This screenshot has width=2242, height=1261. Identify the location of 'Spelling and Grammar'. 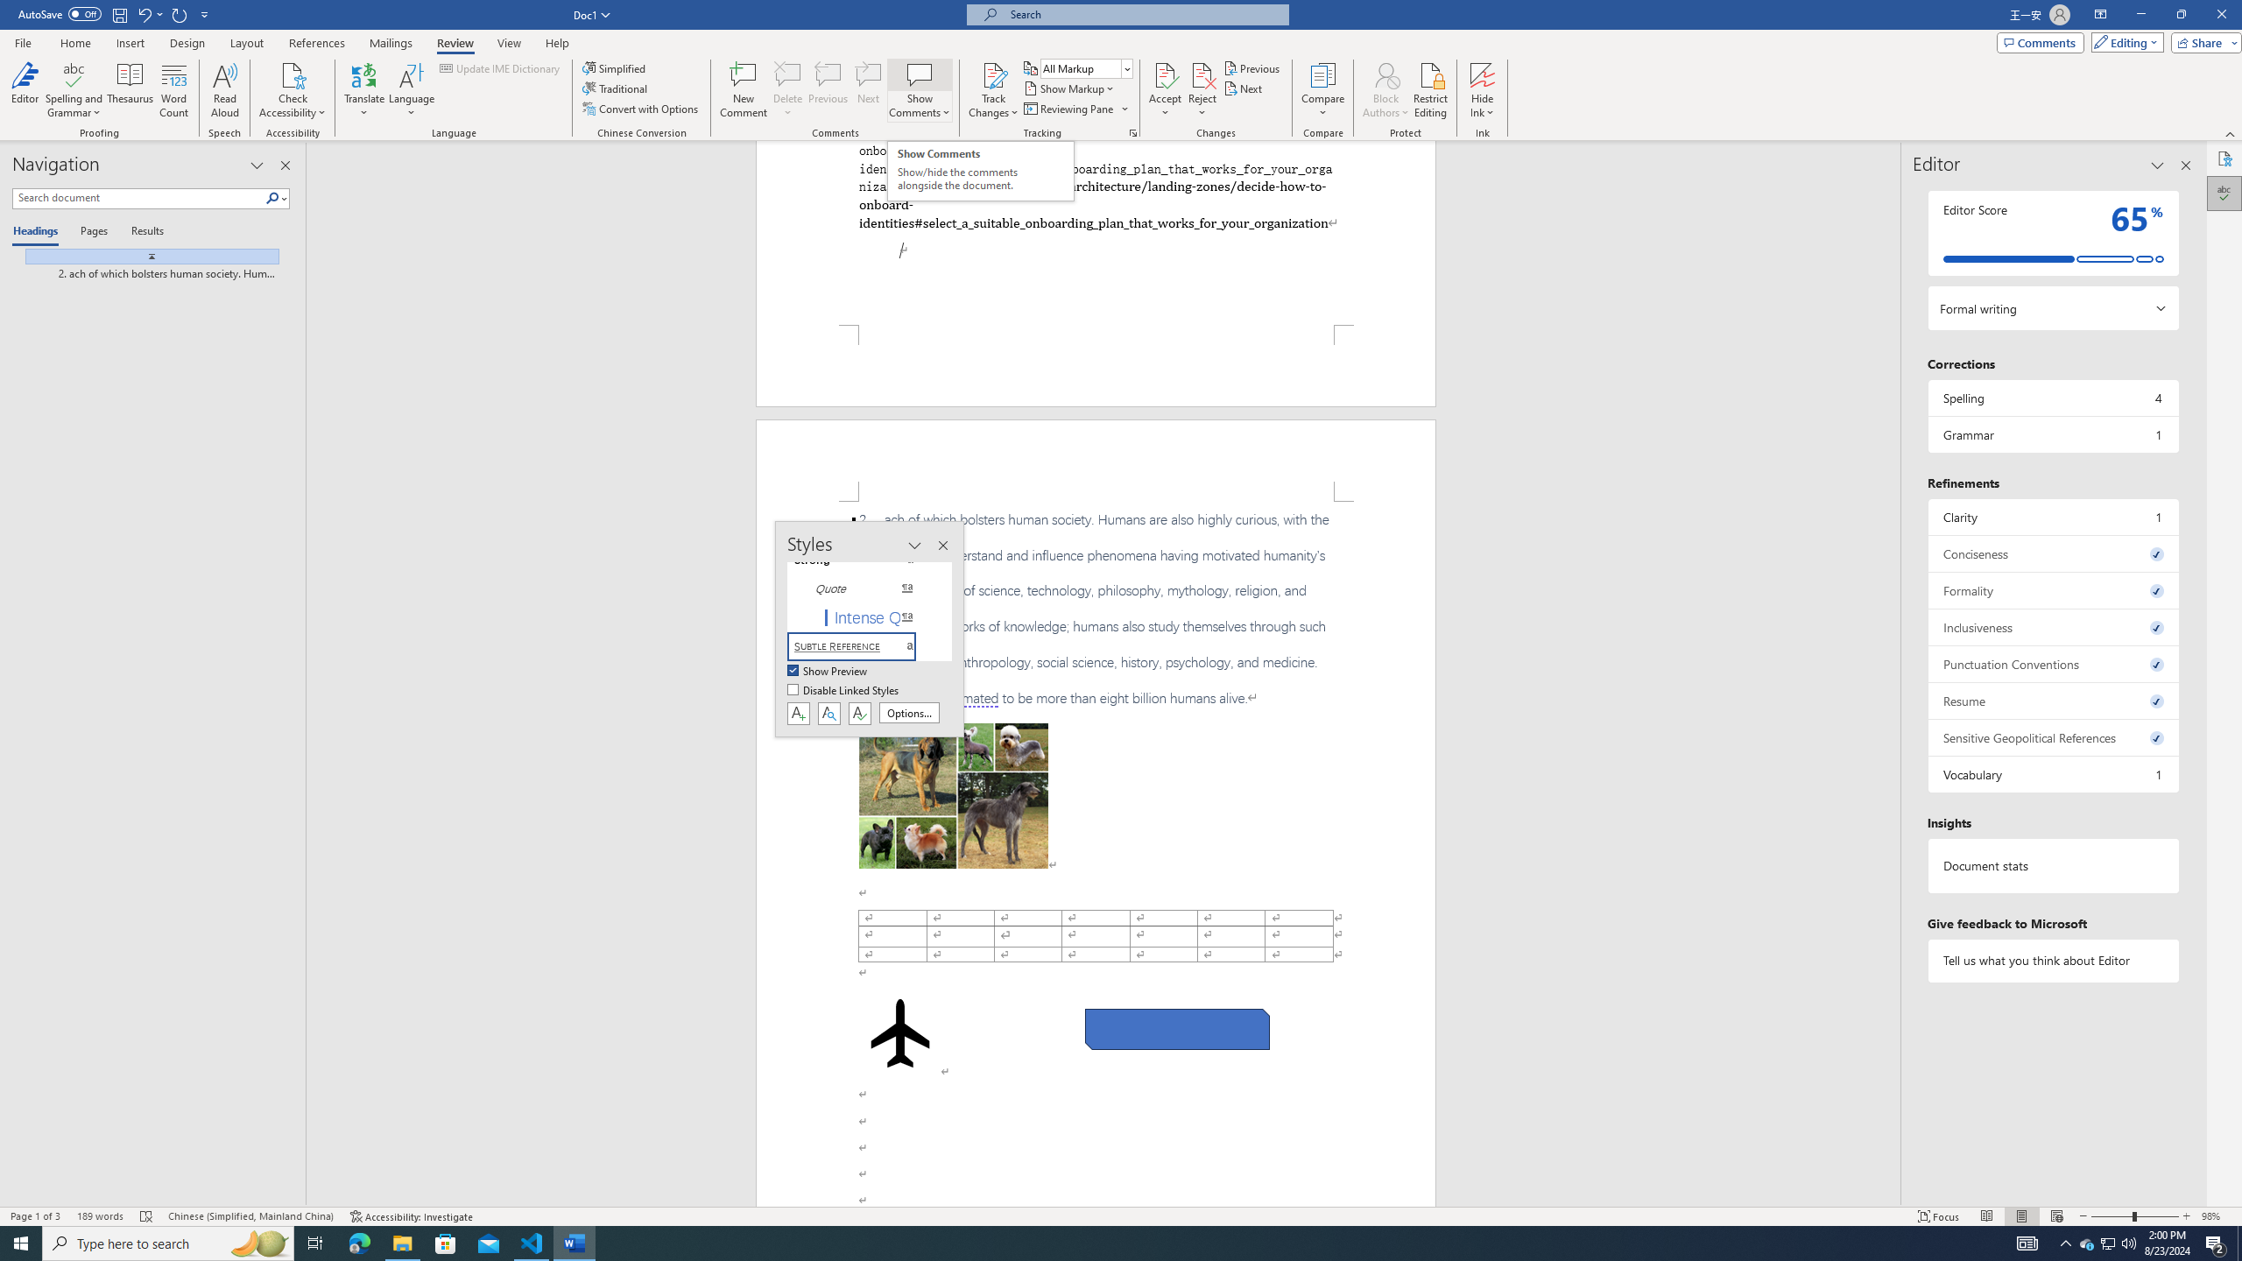
(74, 74).